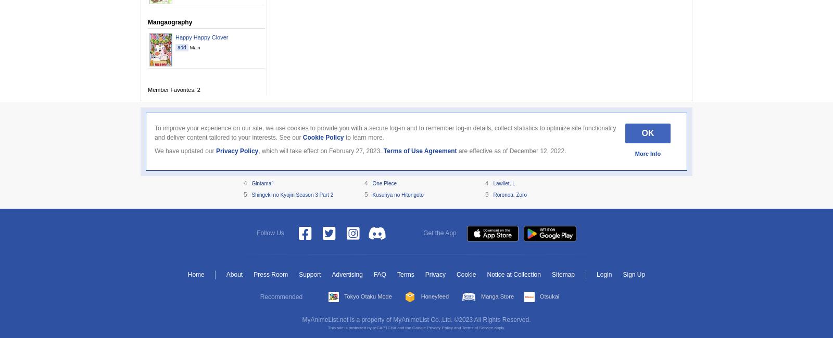 This screenshot has height=338, width=833. I want to click on 'MyAnimeList.net is a property of MyAnimeList Co.,Ltd. ©2023 All Rights Reserved.', so click(301, 319).